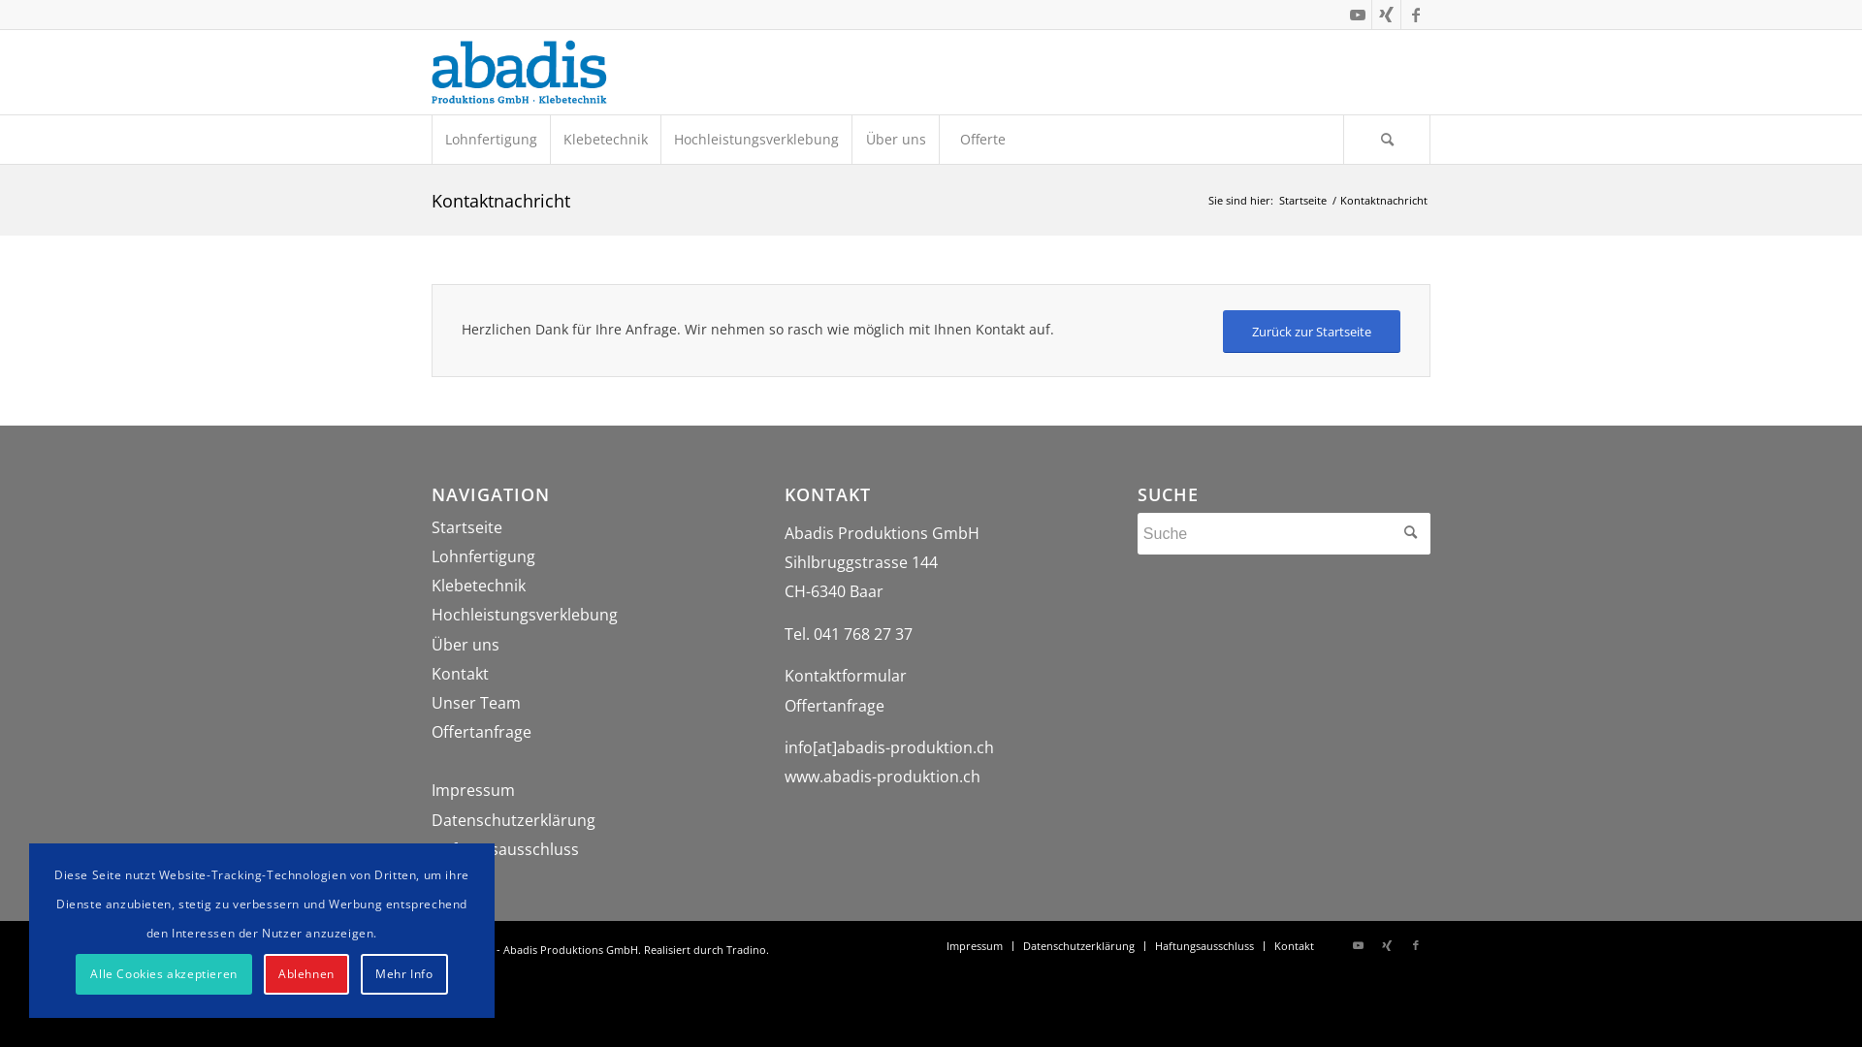 The width and height of the screenshot is (1862, 1047). Describe the element at coordinates (163, 974) in the screenshot. I see `'Alle Cookies akzeptieren'` at that location.